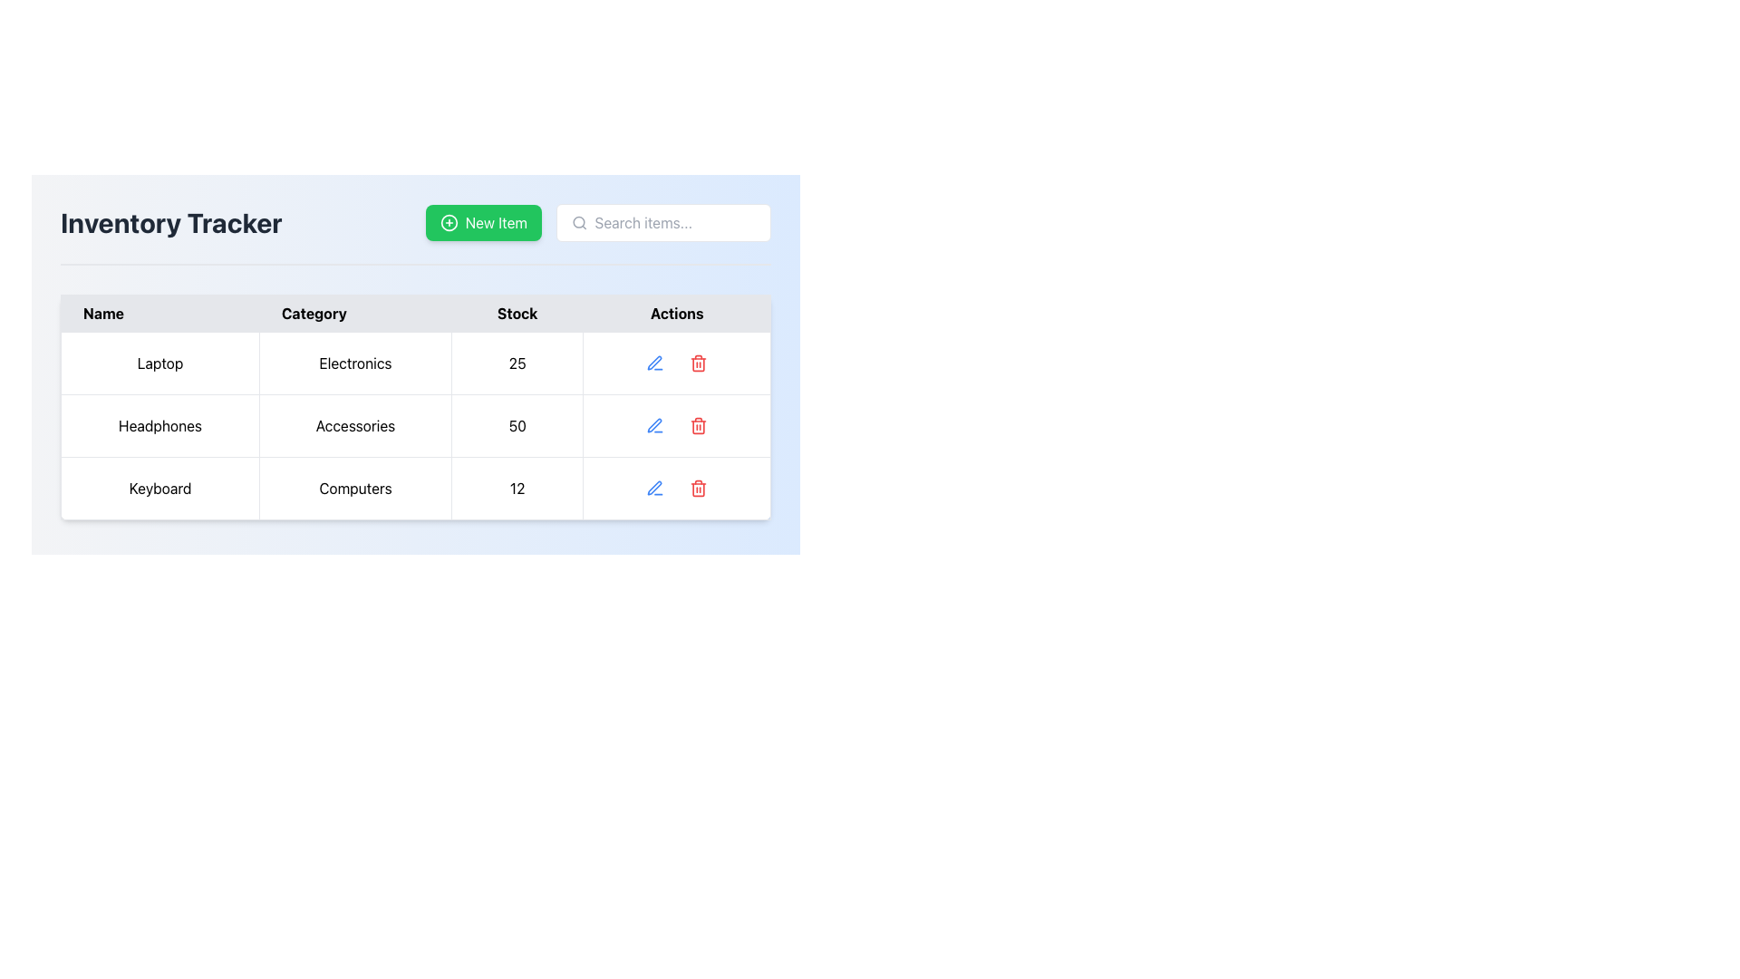 The width and height of the screenshot is (1740, 979). I want to click on the static text label displaying the name 'Keyboard' located in the first cell of the third row under the 'Name' column of the table, so click(160, 488).